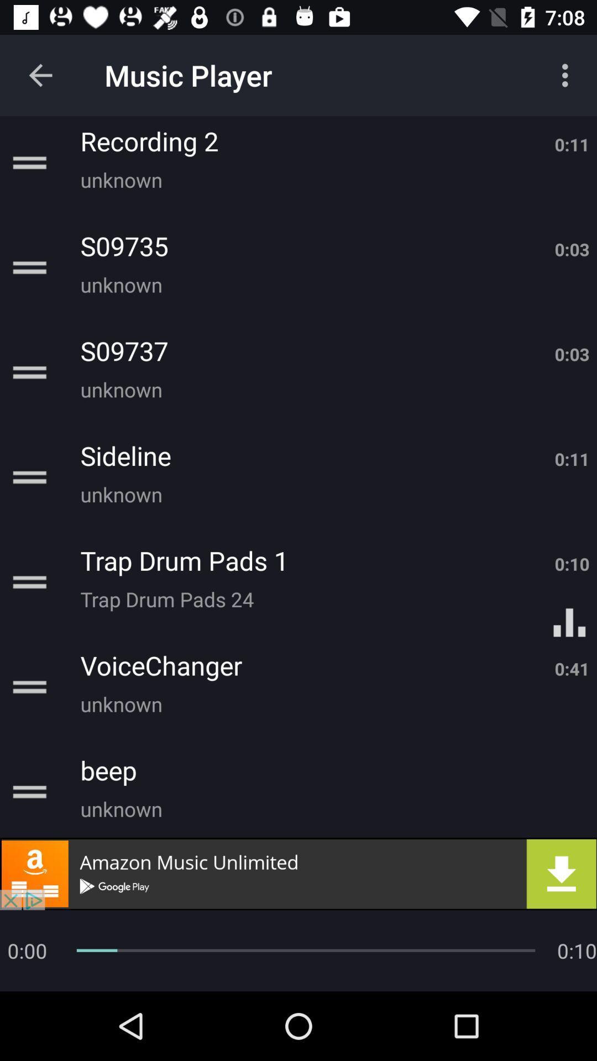 The height and width of the screenshot is (1061, 597). Describe the element at coordinates (298, 873) in the screenshot. I see `open advertisement` at that location.